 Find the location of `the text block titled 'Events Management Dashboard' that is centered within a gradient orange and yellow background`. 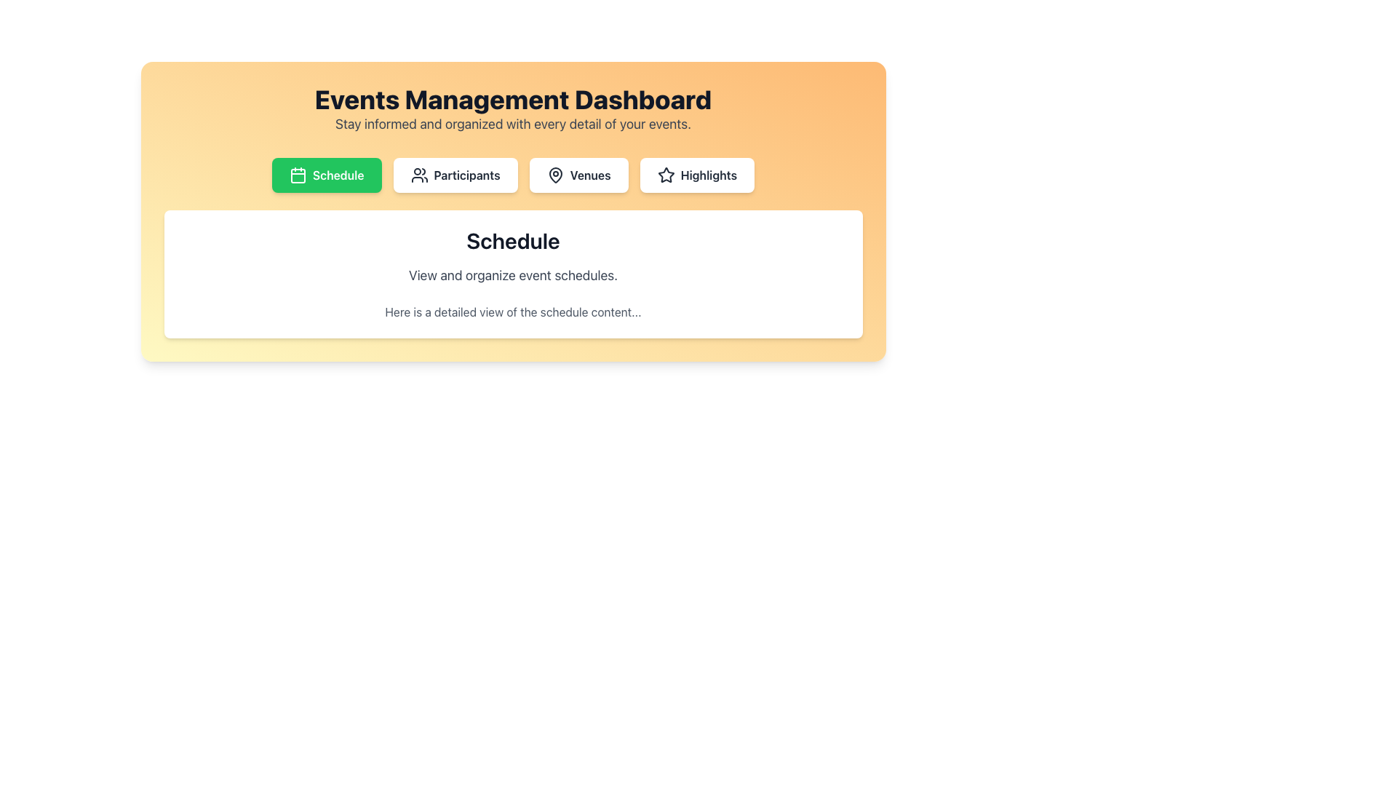

the text block titled 'Events Management Dashboard' that is centered within a gradient orange and yellow background is located at coordinates (513, 108).